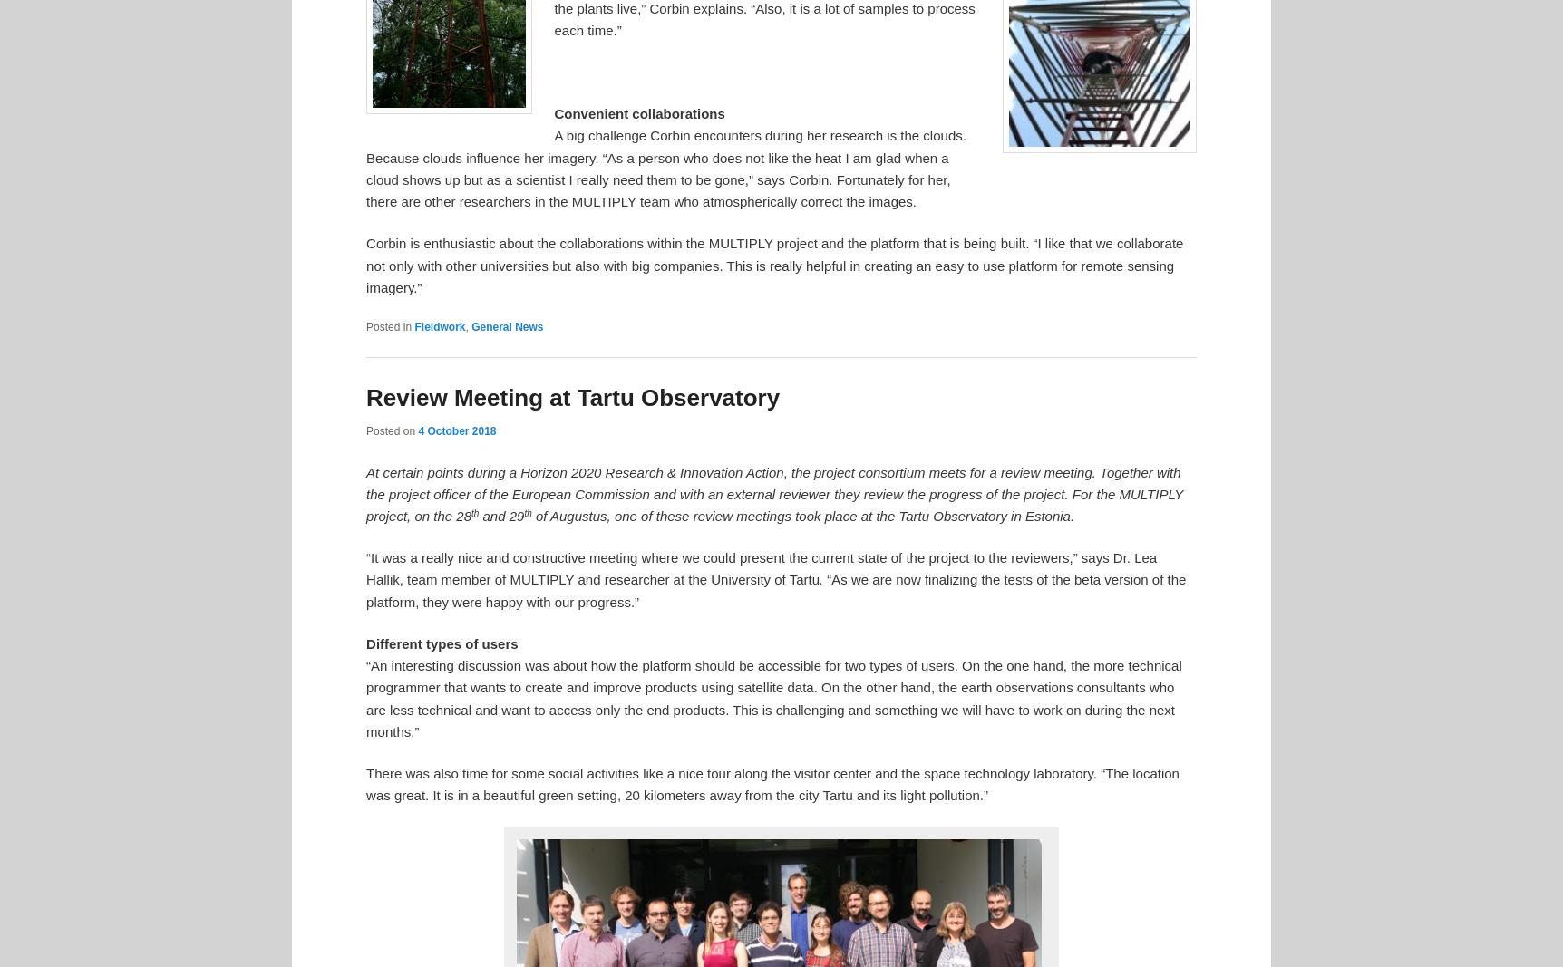  Describe the element at coordinates (773, 265) in the screenshot. I see `'Corbin is enthusiastic about the collaborations within the MULTIPLY project and the platform that is being built. “I like that we collaborate not only with other universities but also with big companies. This is really helpful in creating an easy to use platform for remote sensing imagery.”'` at that location.